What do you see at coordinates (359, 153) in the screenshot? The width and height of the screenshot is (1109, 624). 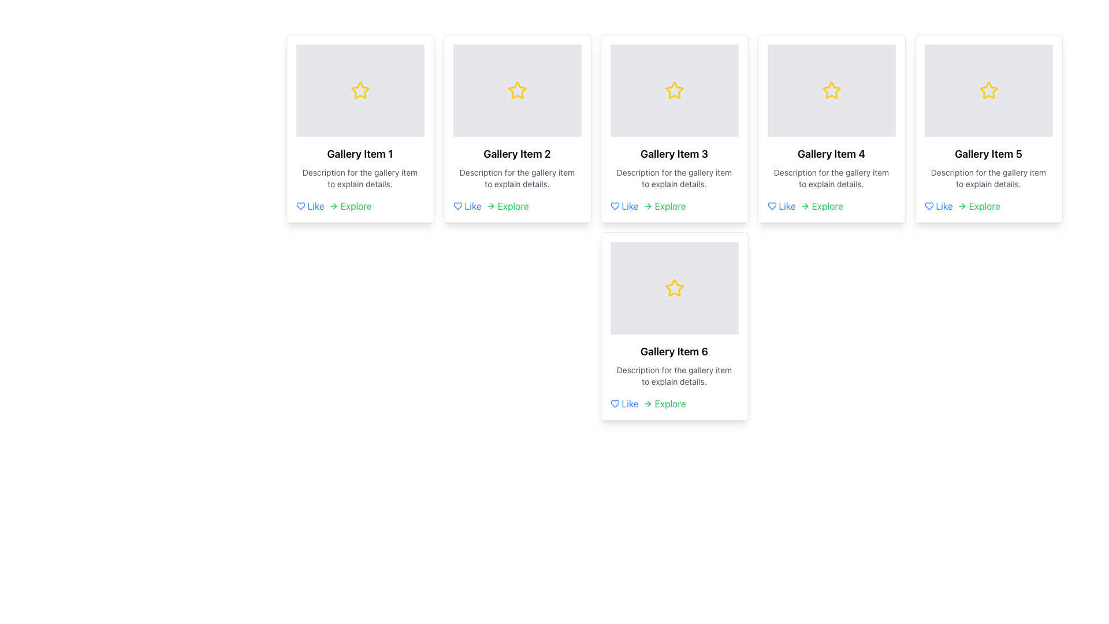 I see `the text label 'Gallery Item 1', which is styled in bold and slightly larger font, located in the upper center area of the gallery card layout` at bounding box center [359, 153].